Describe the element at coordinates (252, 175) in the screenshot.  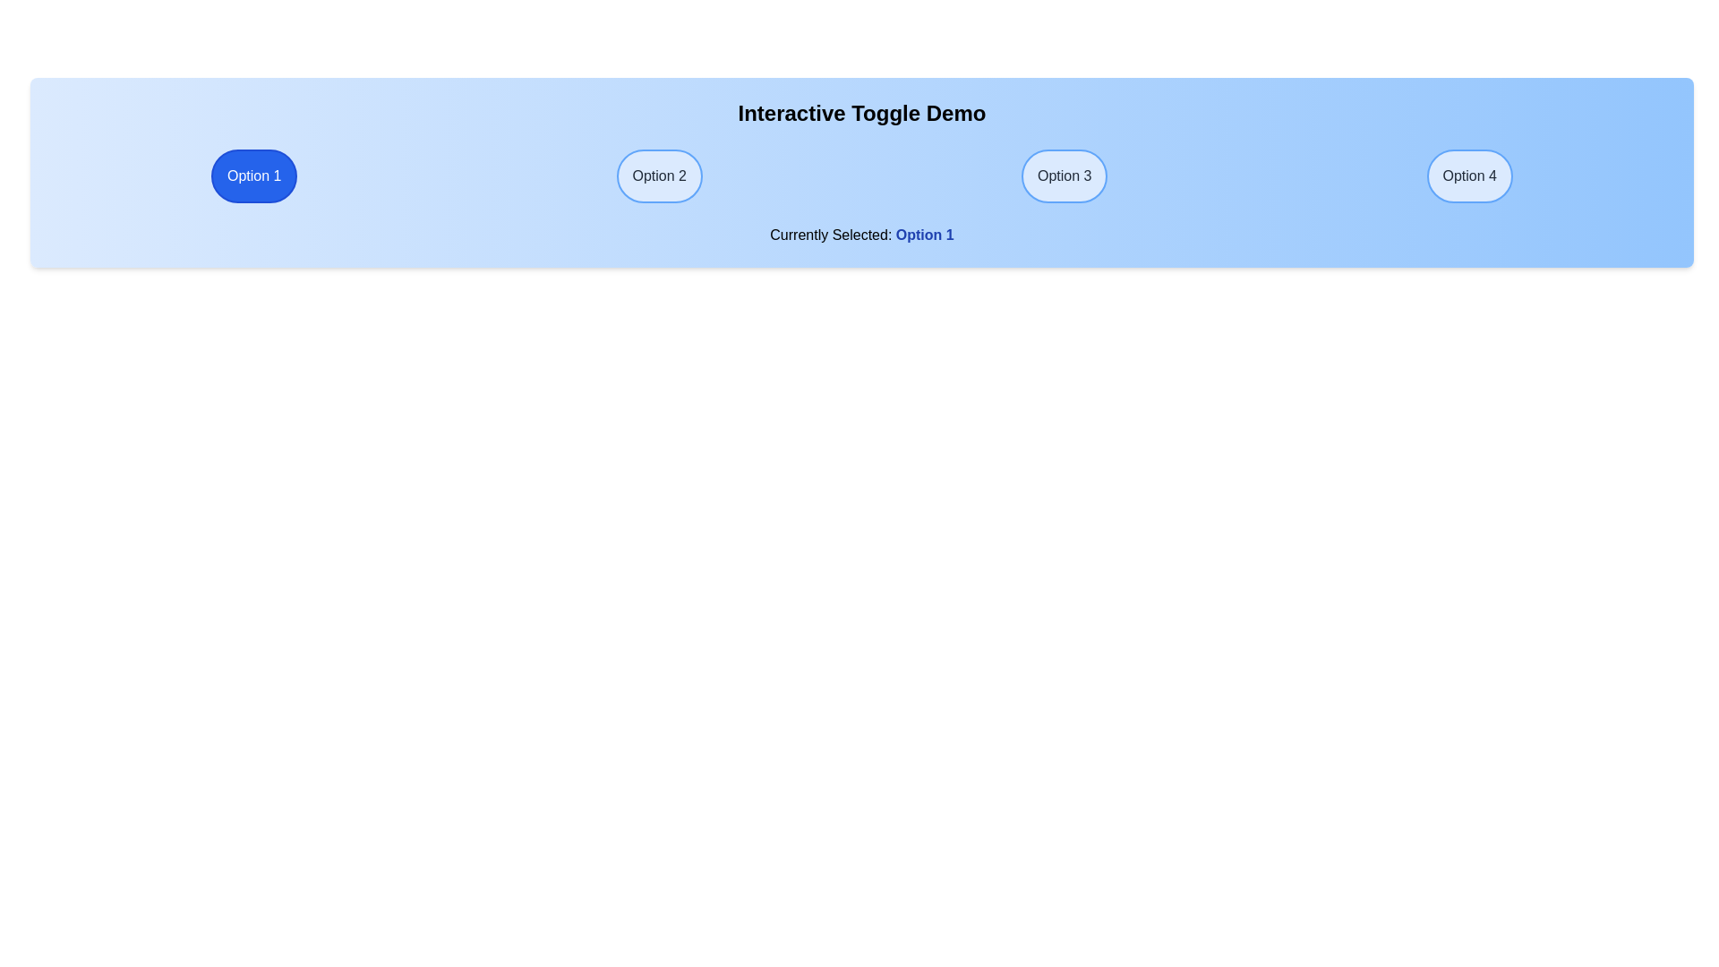
I see `the option Option 1 to select it` at that location.